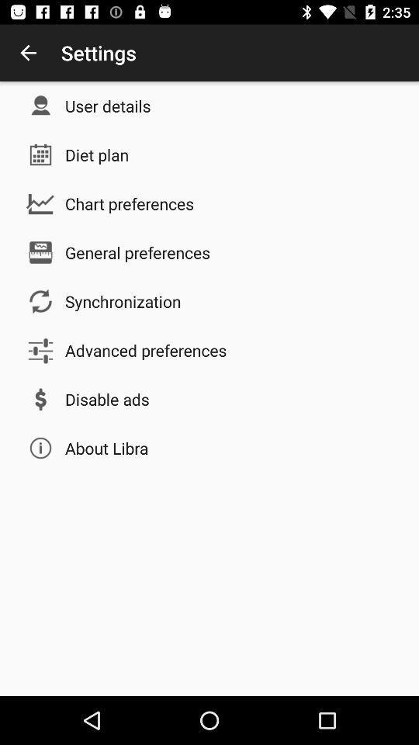 This screenshot has height=745, width=419. What do you see at coordinates (107, 105) in the screenshot?
I see `the user details item` at bounding box center [107, 105].